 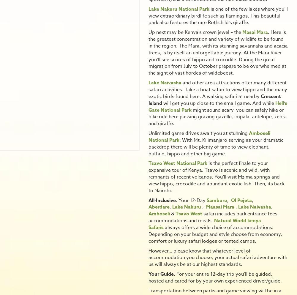 What do you see at coordinates (218, 52) in the screenshot?
I see `'. Here is the greatest concentration and variety of wildlife to be found in the region. The Mara, with its stunning savannahs and acacia trees, is by itself an unforgettable journey. At the Mara River you’ll see scores of hippo and crocodile. During the great migration from July to October prepare to be overwhelmed at the sight of vast hordes of wildebeest.'` at bounding box center [218, 52].